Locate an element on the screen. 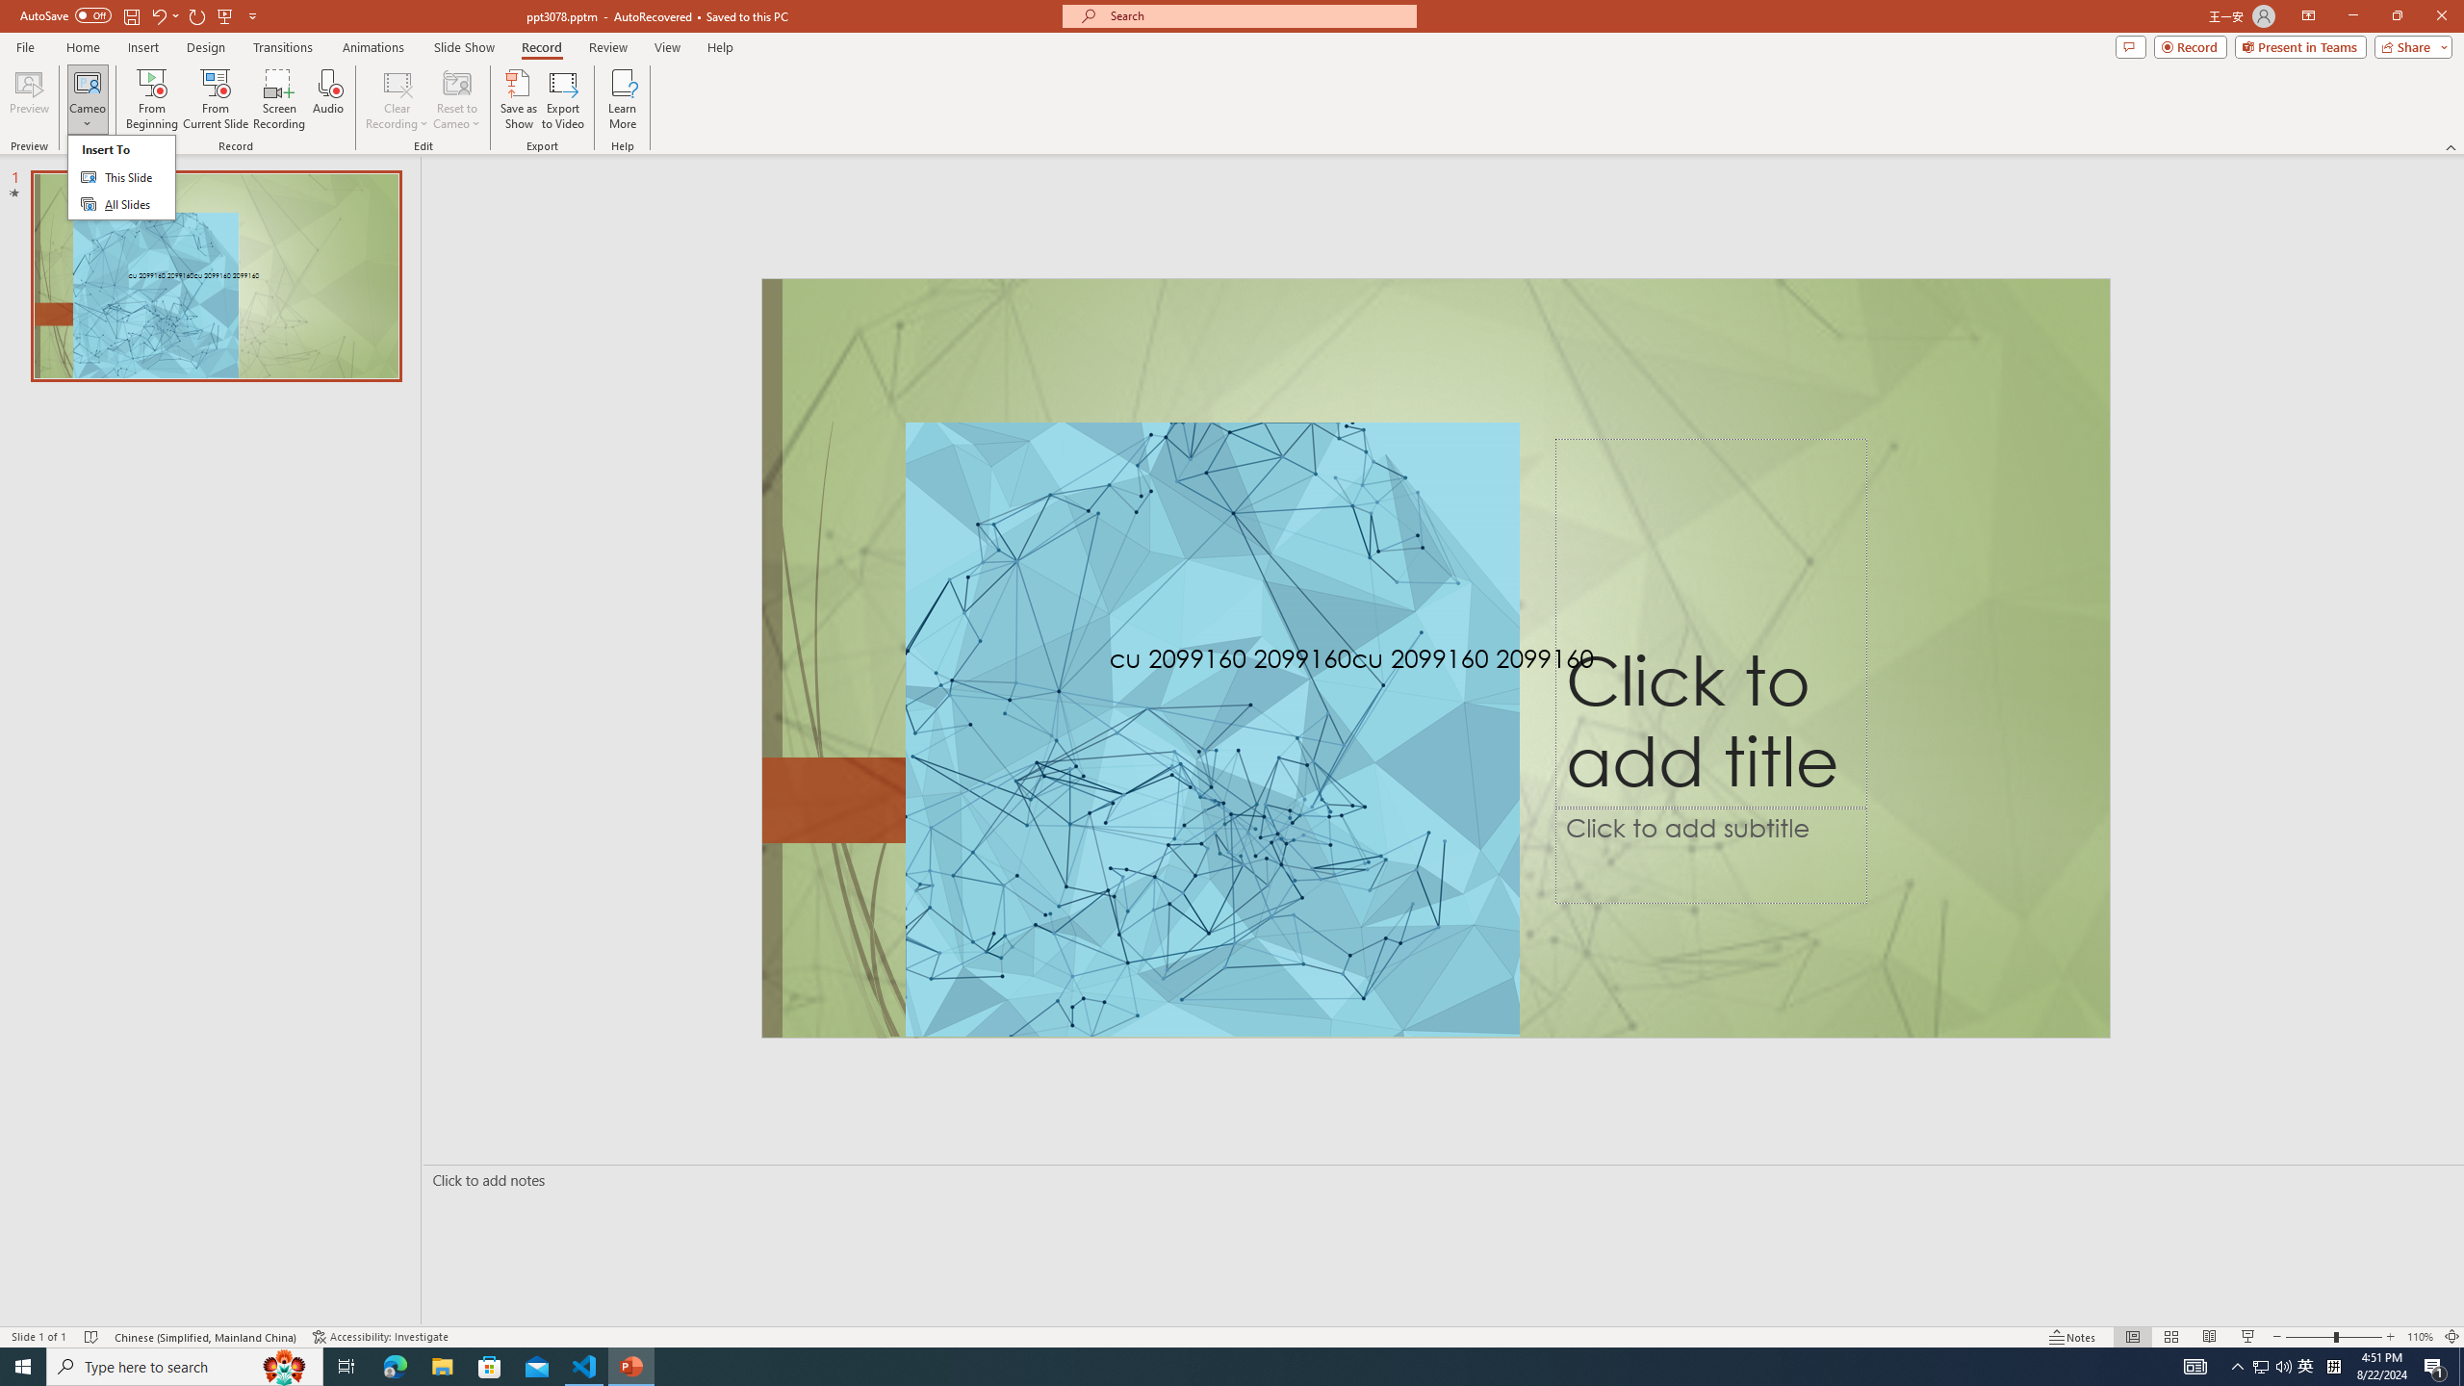 The width and height of the screenshot is (2464, 1386). 'AutomationID: 4105' is located at coordinates (2194, 1365).